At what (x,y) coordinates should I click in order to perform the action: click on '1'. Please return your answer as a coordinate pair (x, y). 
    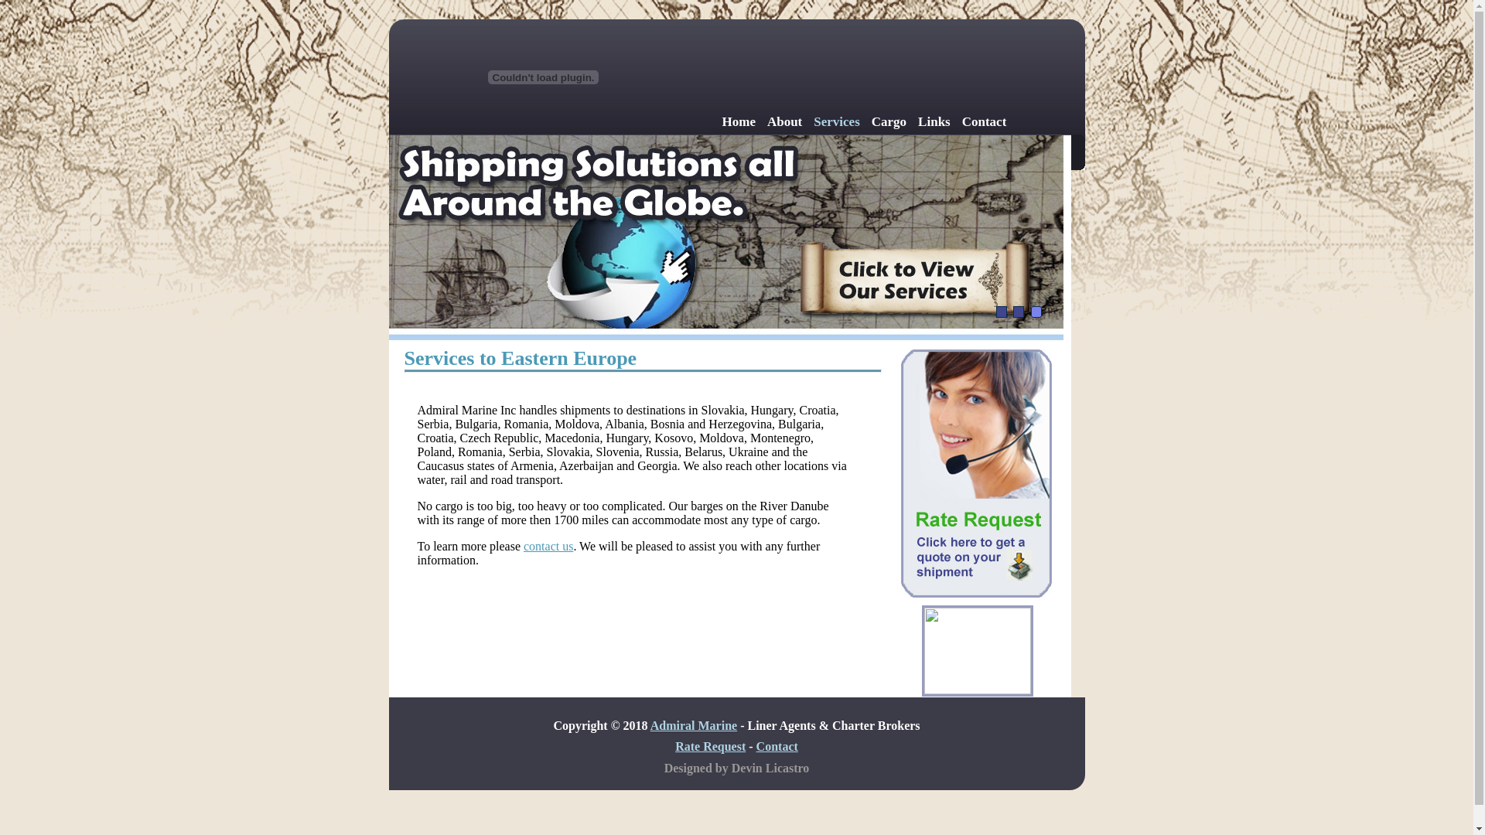
    Looking at the image, I should click on (1002, 312).